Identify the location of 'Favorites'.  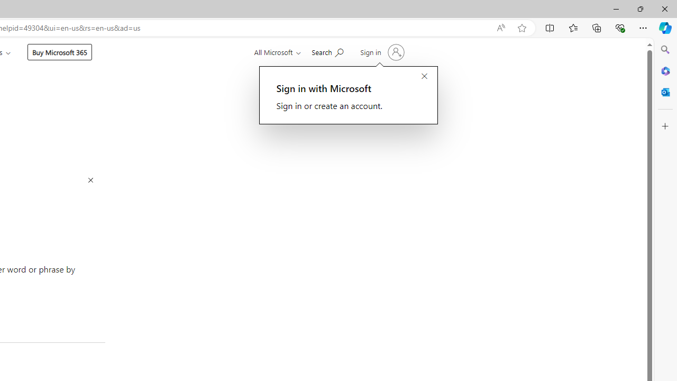
(572, 27).